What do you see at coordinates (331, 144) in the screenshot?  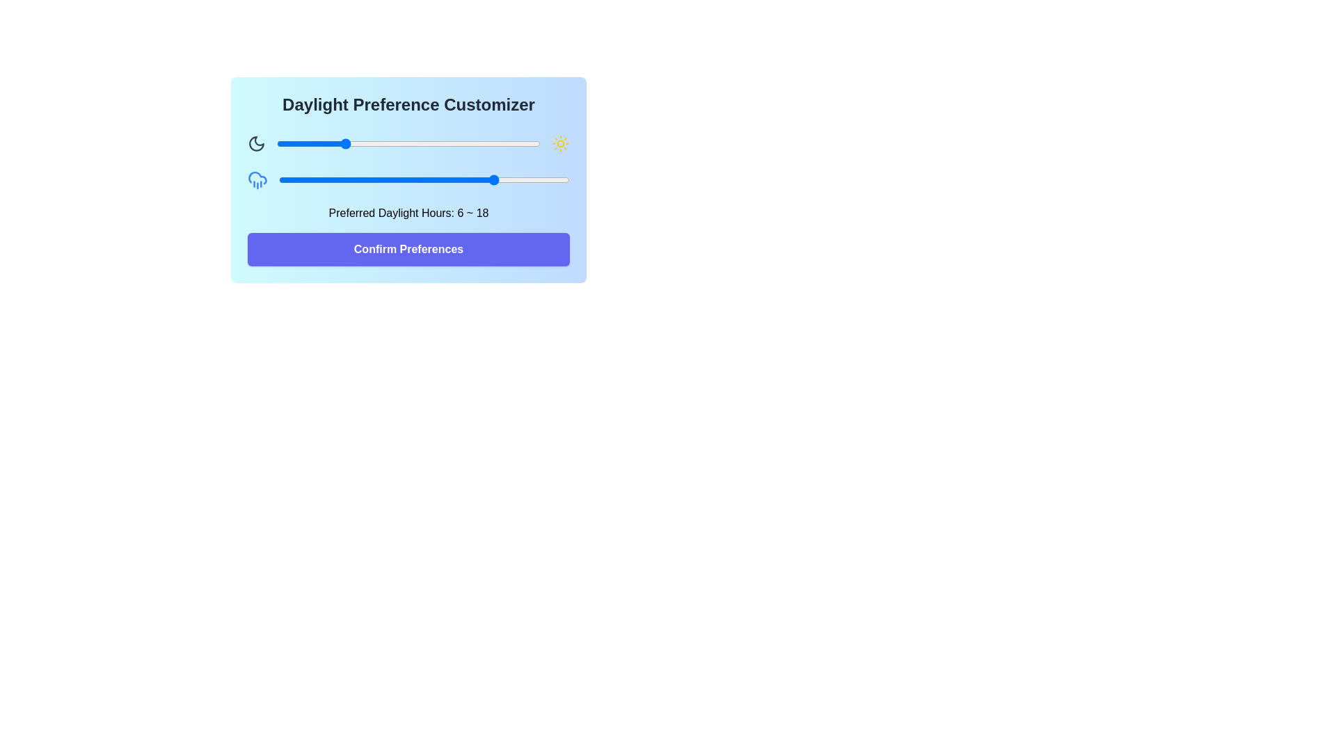 I see `the daylight hours` at bounding box center [331, 144].